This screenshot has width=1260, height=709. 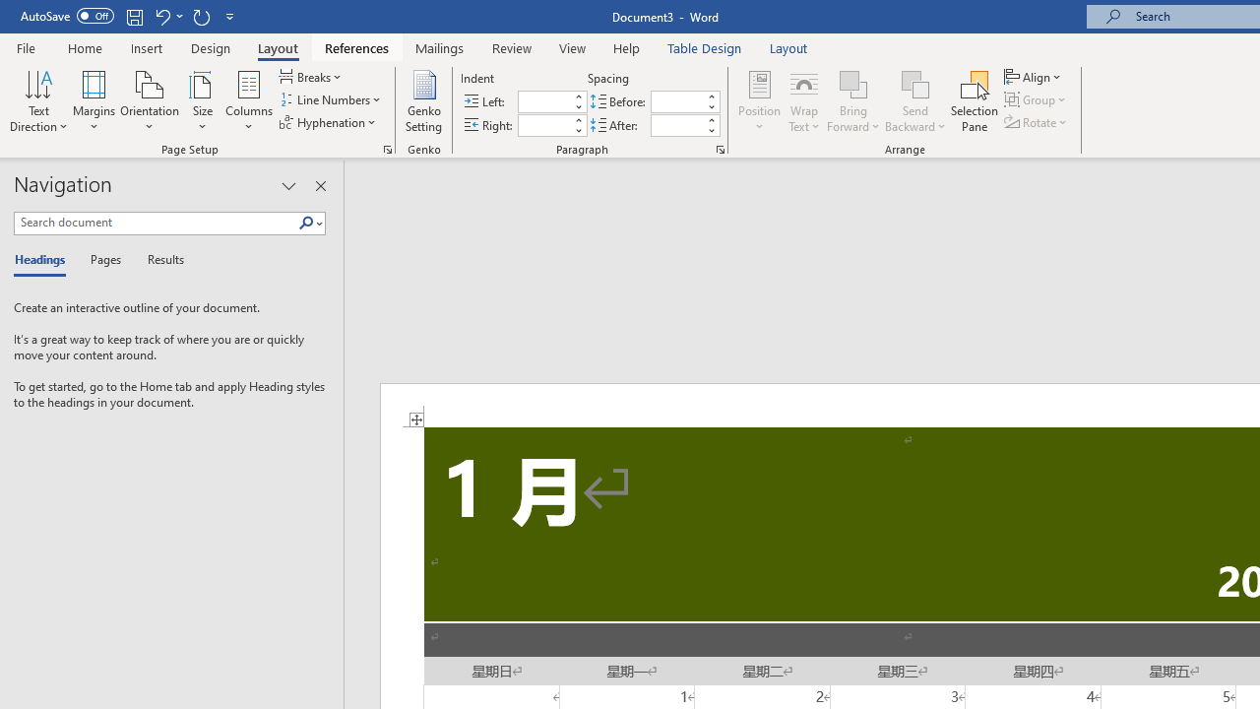 What do you see at coordinates (167, 16) in the screenshot?
I see `'Undo Insert Row Below'` at bounding box center [167, 16].